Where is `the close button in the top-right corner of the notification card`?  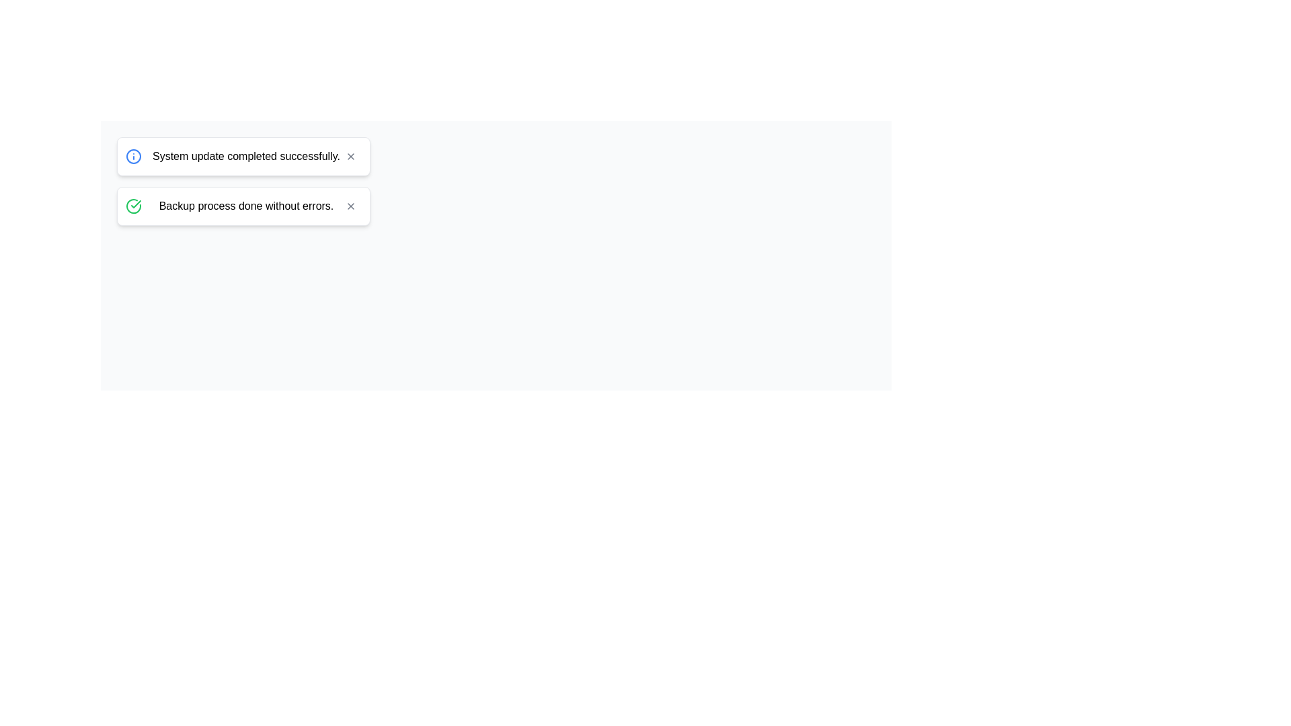
the close button in the top-right corner of the notification card is located at coordinates (350, 155).